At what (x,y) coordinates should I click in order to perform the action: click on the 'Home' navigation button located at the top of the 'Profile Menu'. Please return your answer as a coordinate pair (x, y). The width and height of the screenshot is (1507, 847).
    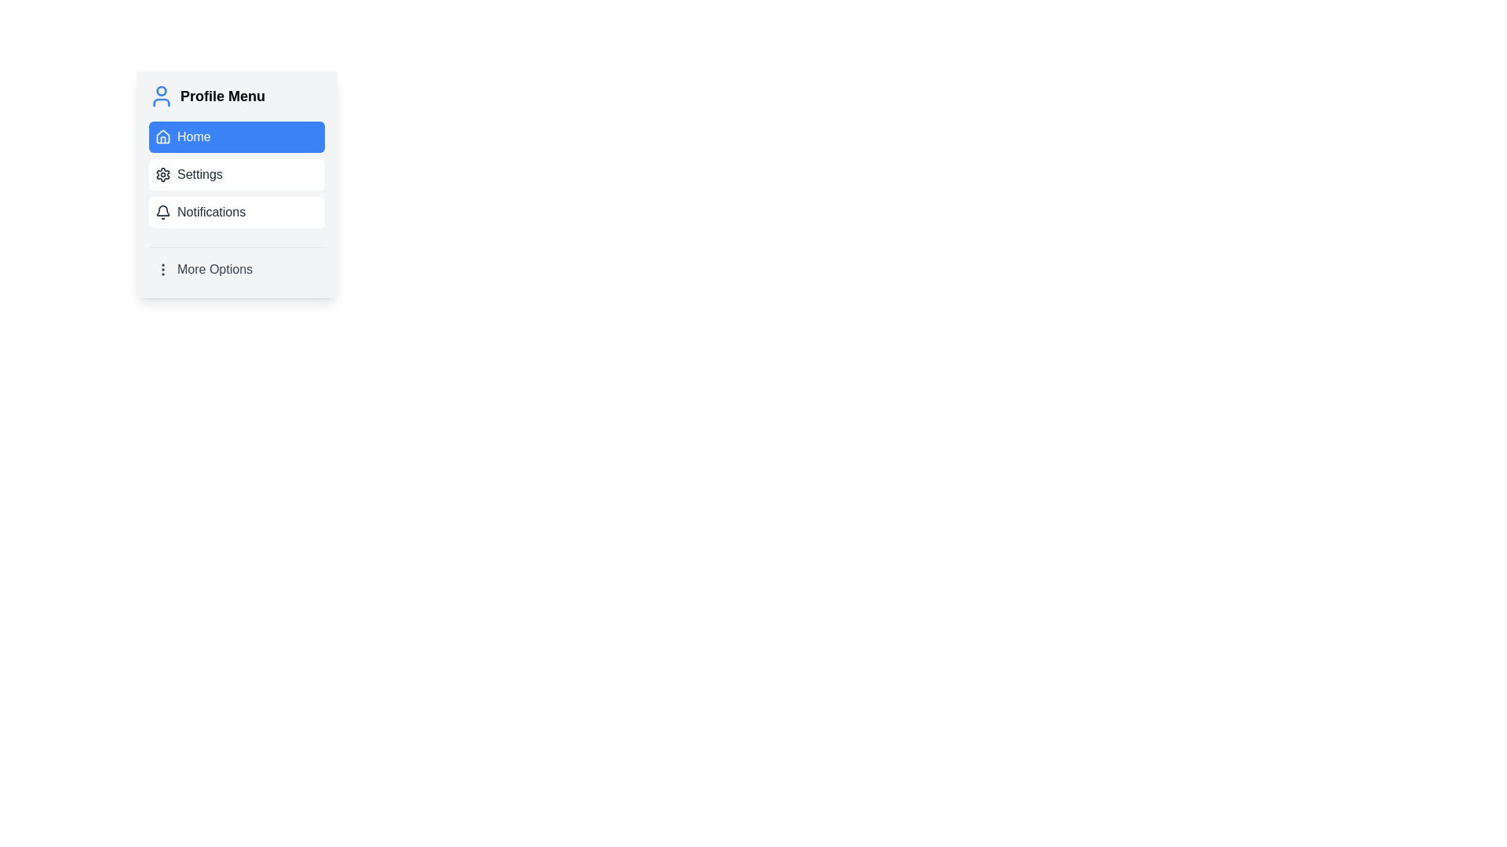
    Looking at the image, I should click on (236, 136).